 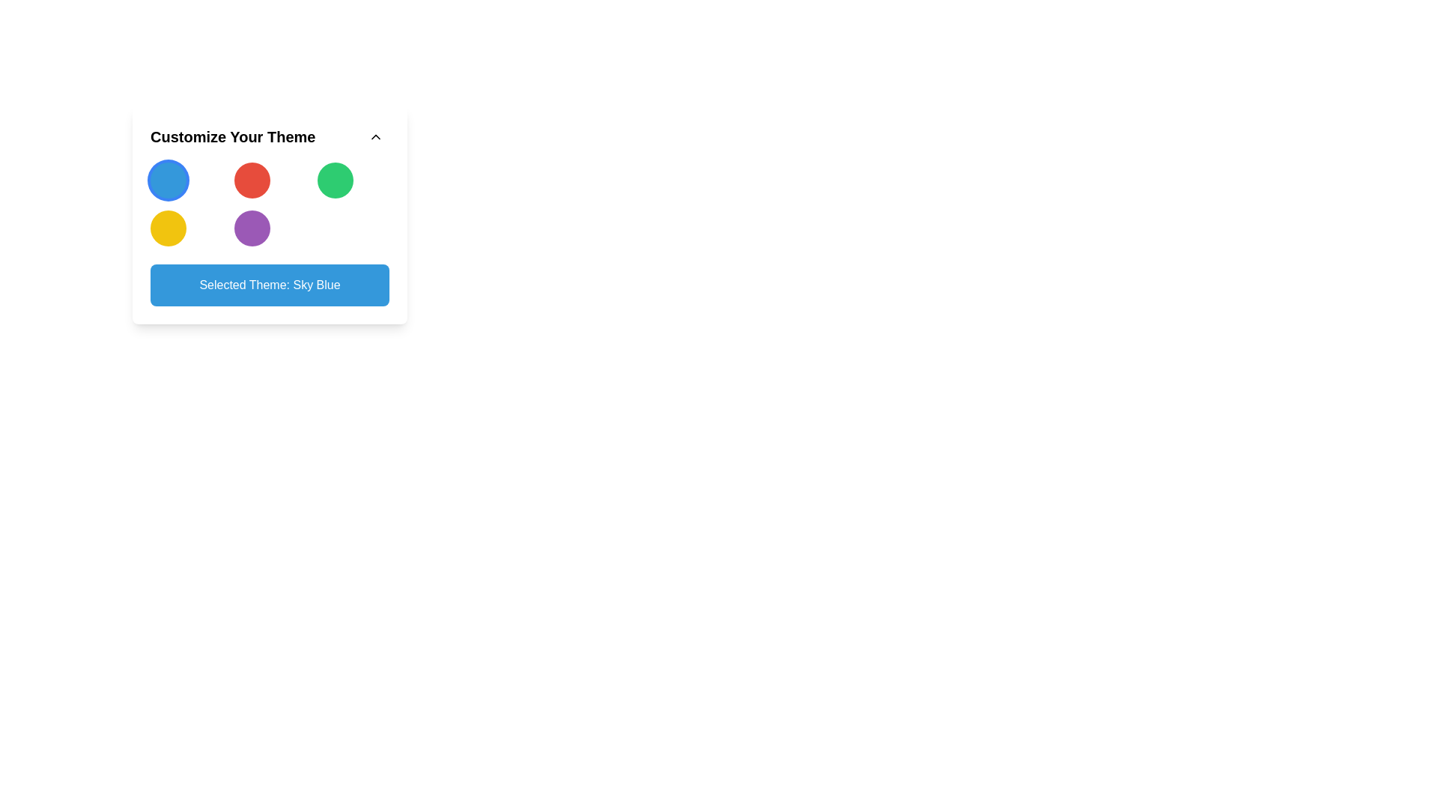 I want to click on the 'Golden Yellow' theme selection button located in the first column of the second row within the 'Customize Your Theme' grid of buttons, so click(x=169, y=228).